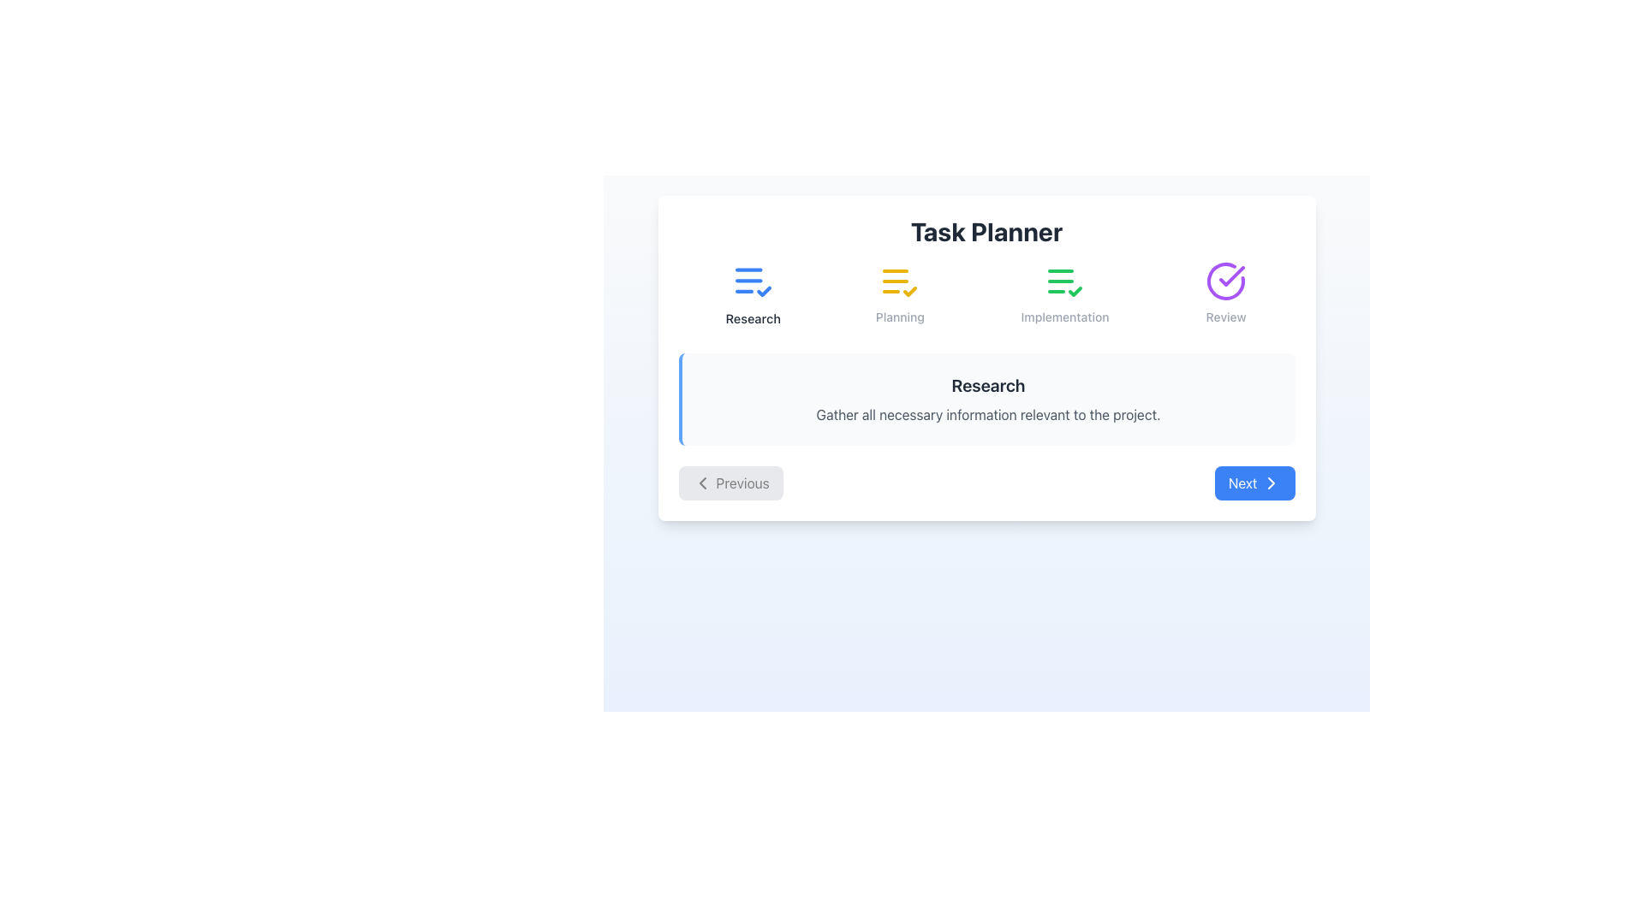  Describe the element at coordinates (899, 317) in the screenshot. I see `the 'Planning' text label, which is located beneath the yellow task icon in the task planner interface, specifically the second task in a horizontal sequence of four tasks` at that location.